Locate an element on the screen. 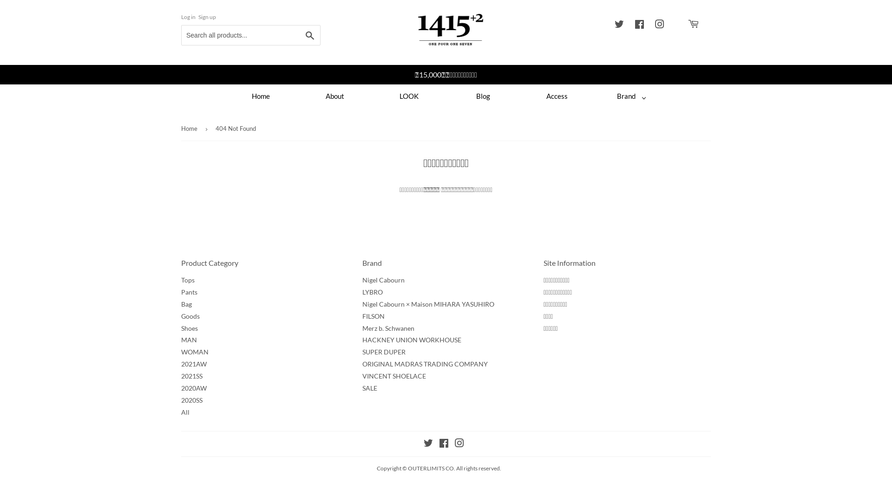  'SALE' is located at coordinates (369, 388).